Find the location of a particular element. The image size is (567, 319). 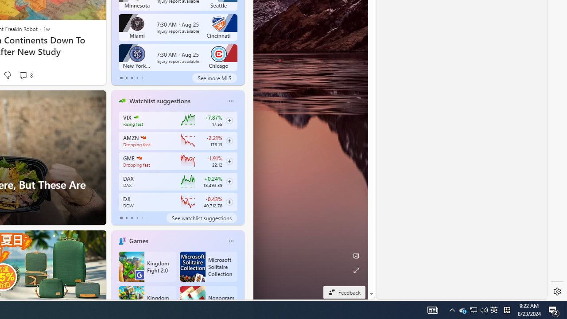

'Expand background' is located at coordinates (356, 270).